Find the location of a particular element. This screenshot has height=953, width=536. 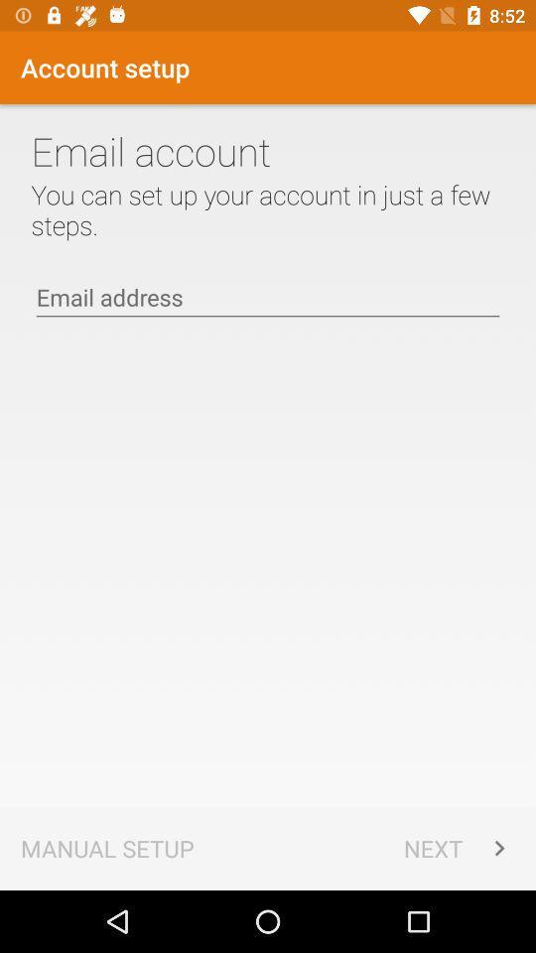

the app to the left of the next is located at coordinates (107, 847).